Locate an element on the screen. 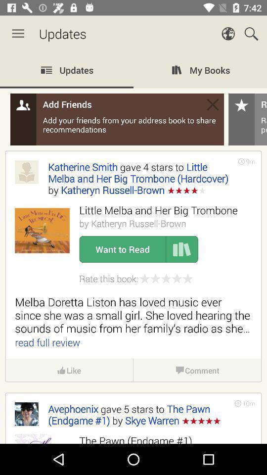  the want to read item is located at coordinates (122, 249).